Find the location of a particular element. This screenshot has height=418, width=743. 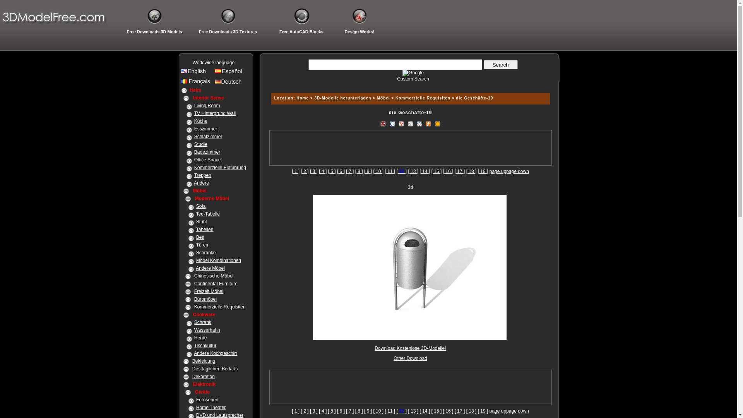

'Spanish site' is located at coordinates (229, 73).